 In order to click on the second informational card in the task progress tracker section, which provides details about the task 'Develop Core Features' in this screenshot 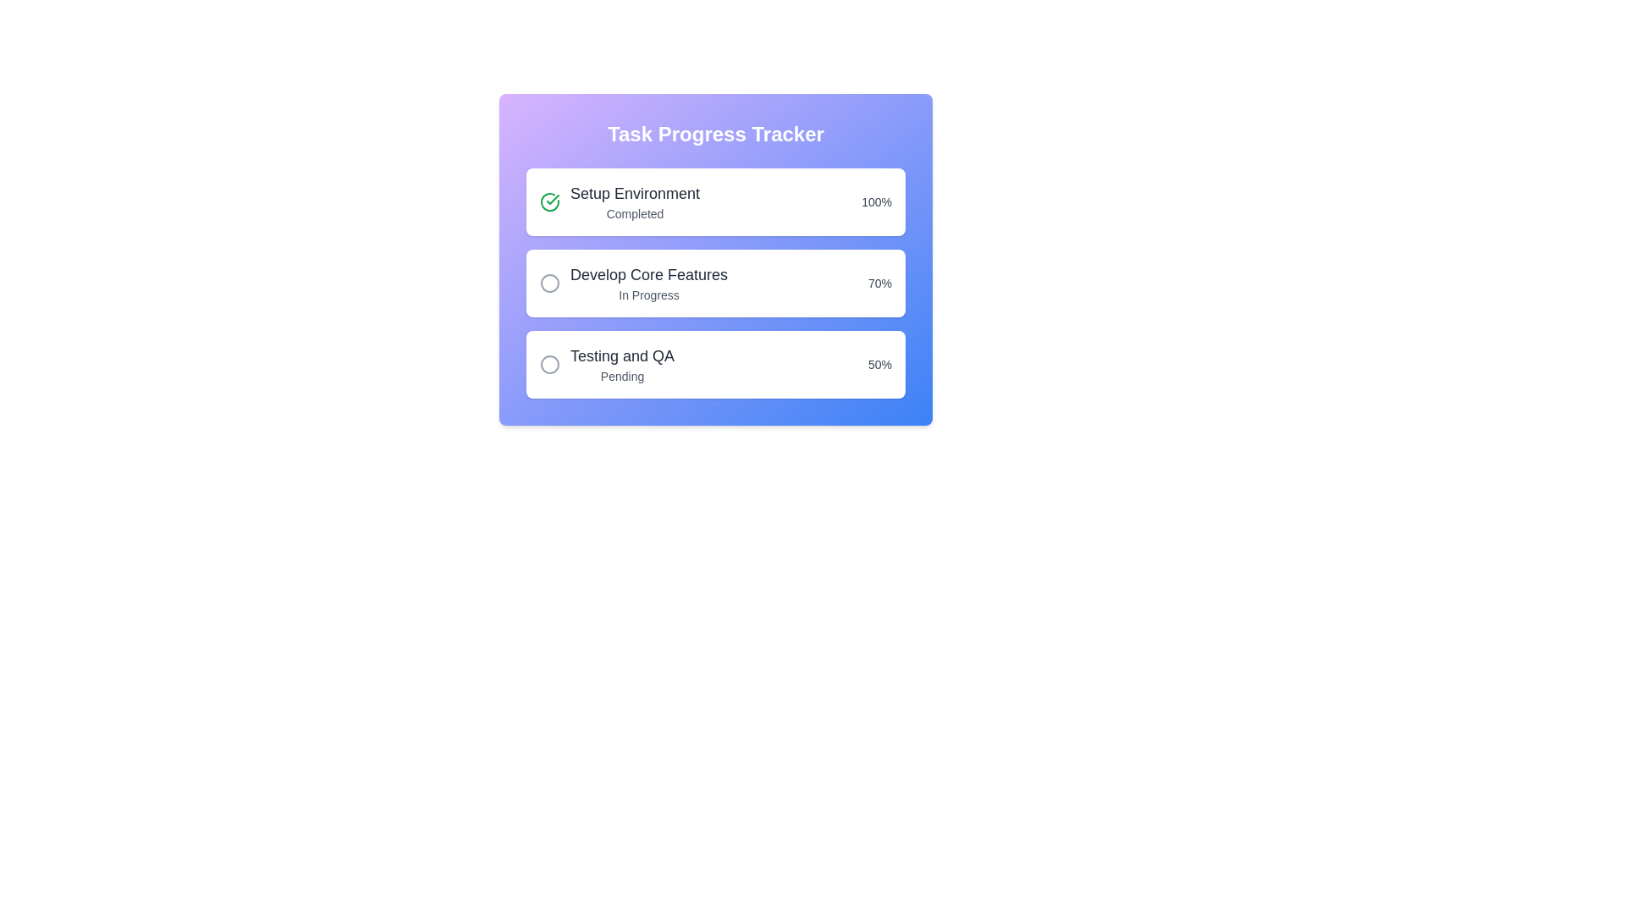, I will do `click(715, 260)`.